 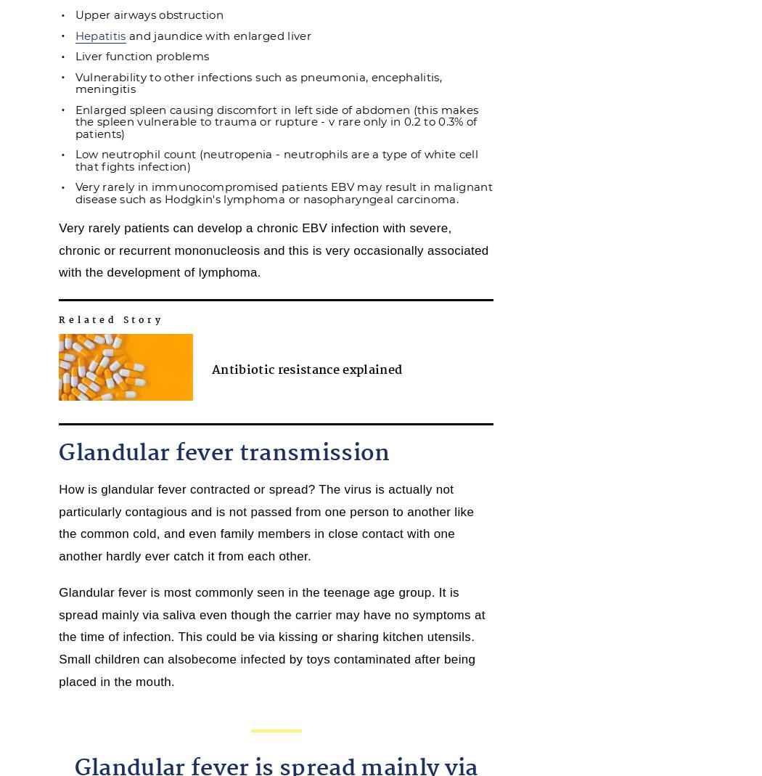 I want to click on 'Hepatitis', so click(x=99, y=34).